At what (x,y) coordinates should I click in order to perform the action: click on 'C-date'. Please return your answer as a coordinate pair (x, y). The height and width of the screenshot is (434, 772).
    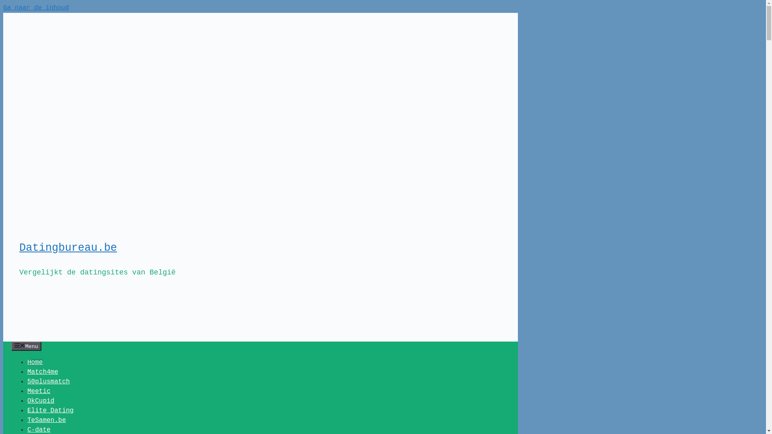
    Looking at the image, I should click on (38, 429).